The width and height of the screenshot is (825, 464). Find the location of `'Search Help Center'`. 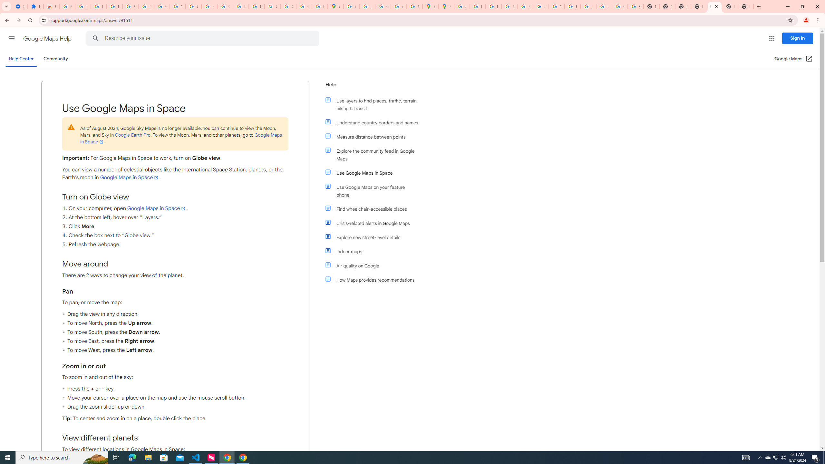

'Search Help Center' is located at coordinates (95, 38).